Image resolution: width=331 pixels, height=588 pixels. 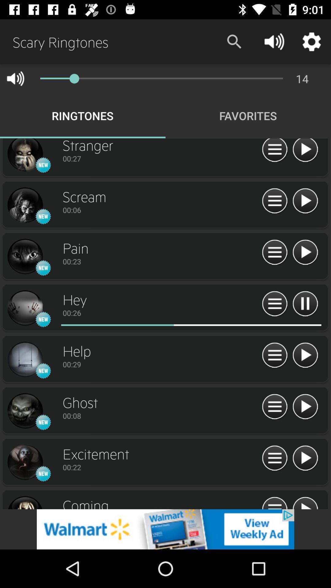 What do you see at coordinates (165, 529) in the screenshot?
I see `to delete the add` at bounding box center [165, 529].